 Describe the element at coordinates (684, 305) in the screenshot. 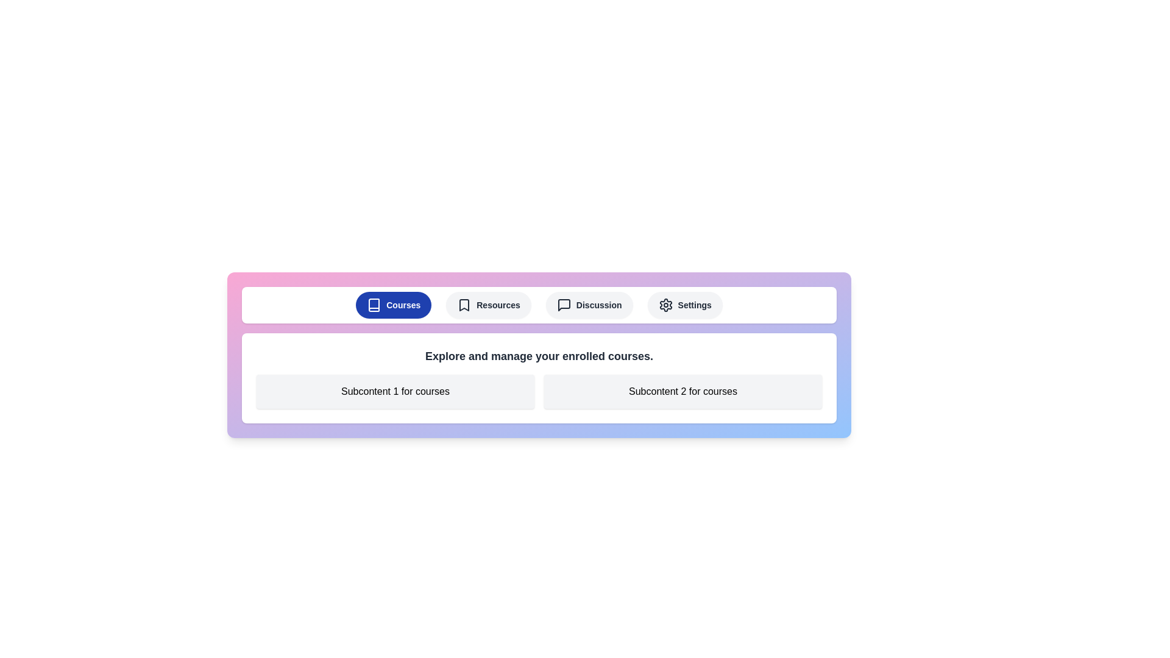

I see `the settings button, which is the fourth button from the left` at that location.